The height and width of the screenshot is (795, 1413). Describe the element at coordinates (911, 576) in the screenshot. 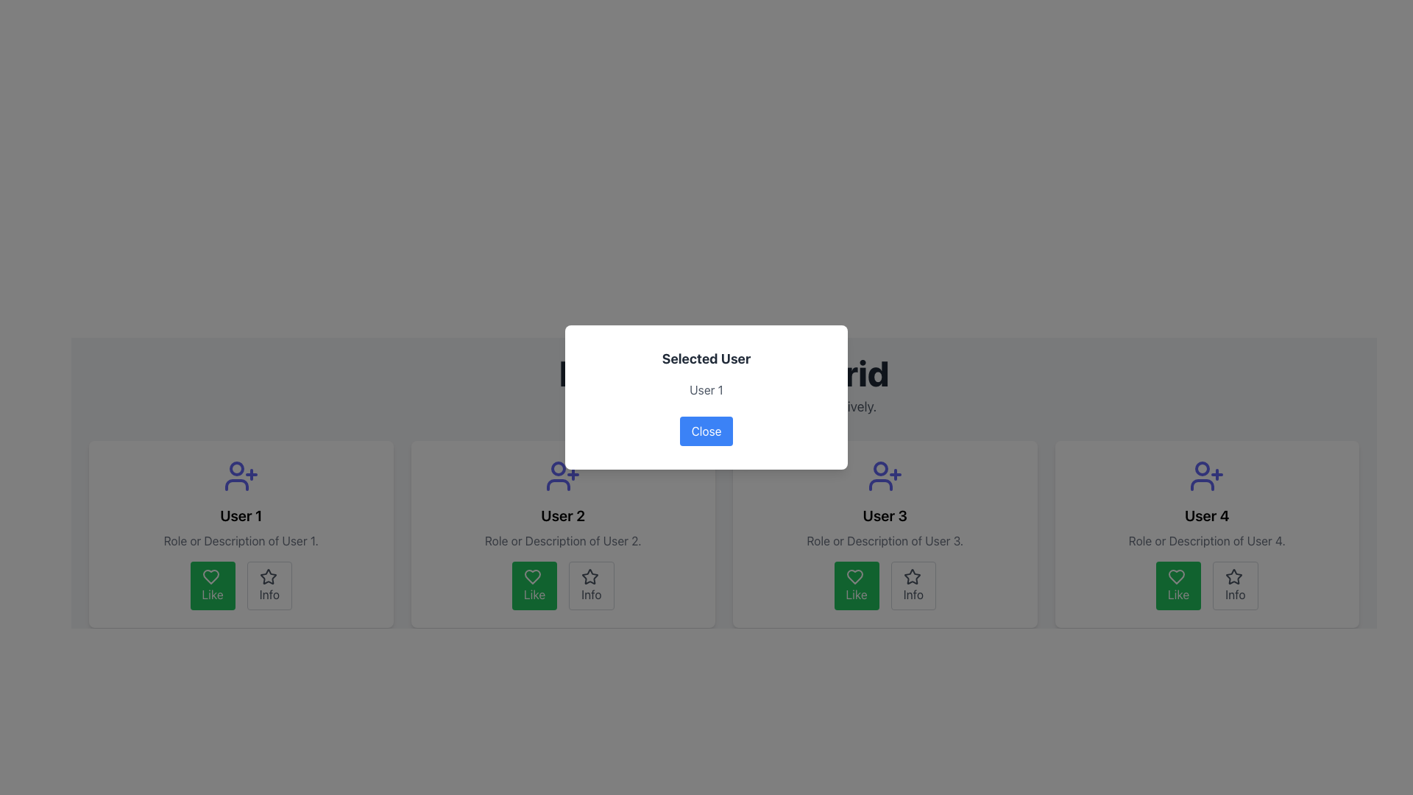

I see `the star icon located within the 'Info' button below the card for 'User 3' to interact with it` at that location.